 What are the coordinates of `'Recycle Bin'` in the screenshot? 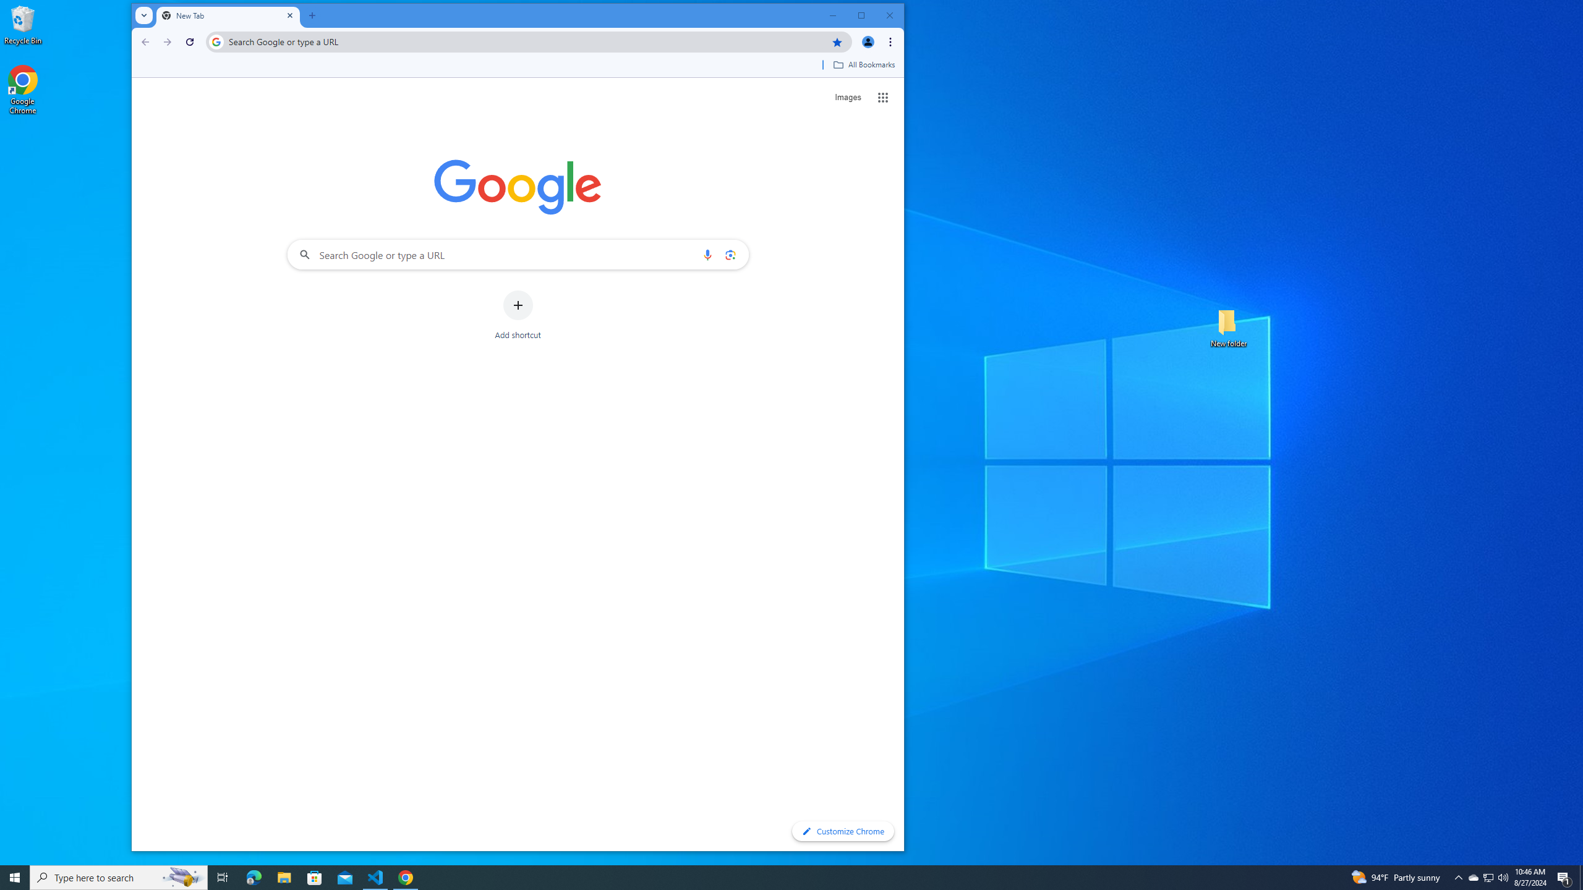 It's located at (22, 23).